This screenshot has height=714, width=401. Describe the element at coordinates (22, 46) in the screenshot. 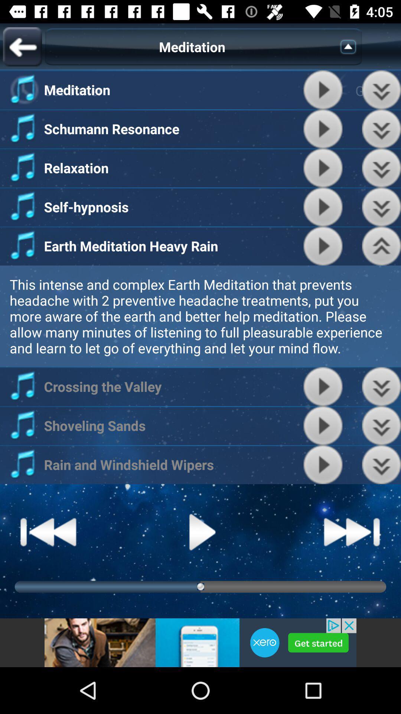

I see `previous` at that location.